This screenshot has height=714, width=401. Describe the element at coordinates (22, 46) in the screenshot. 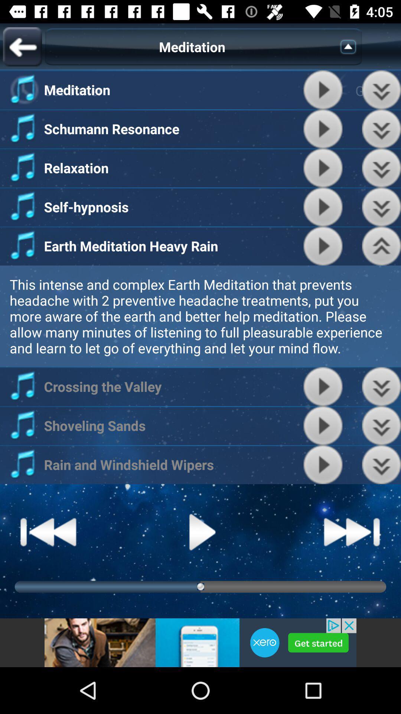

I see `previous` at that location.